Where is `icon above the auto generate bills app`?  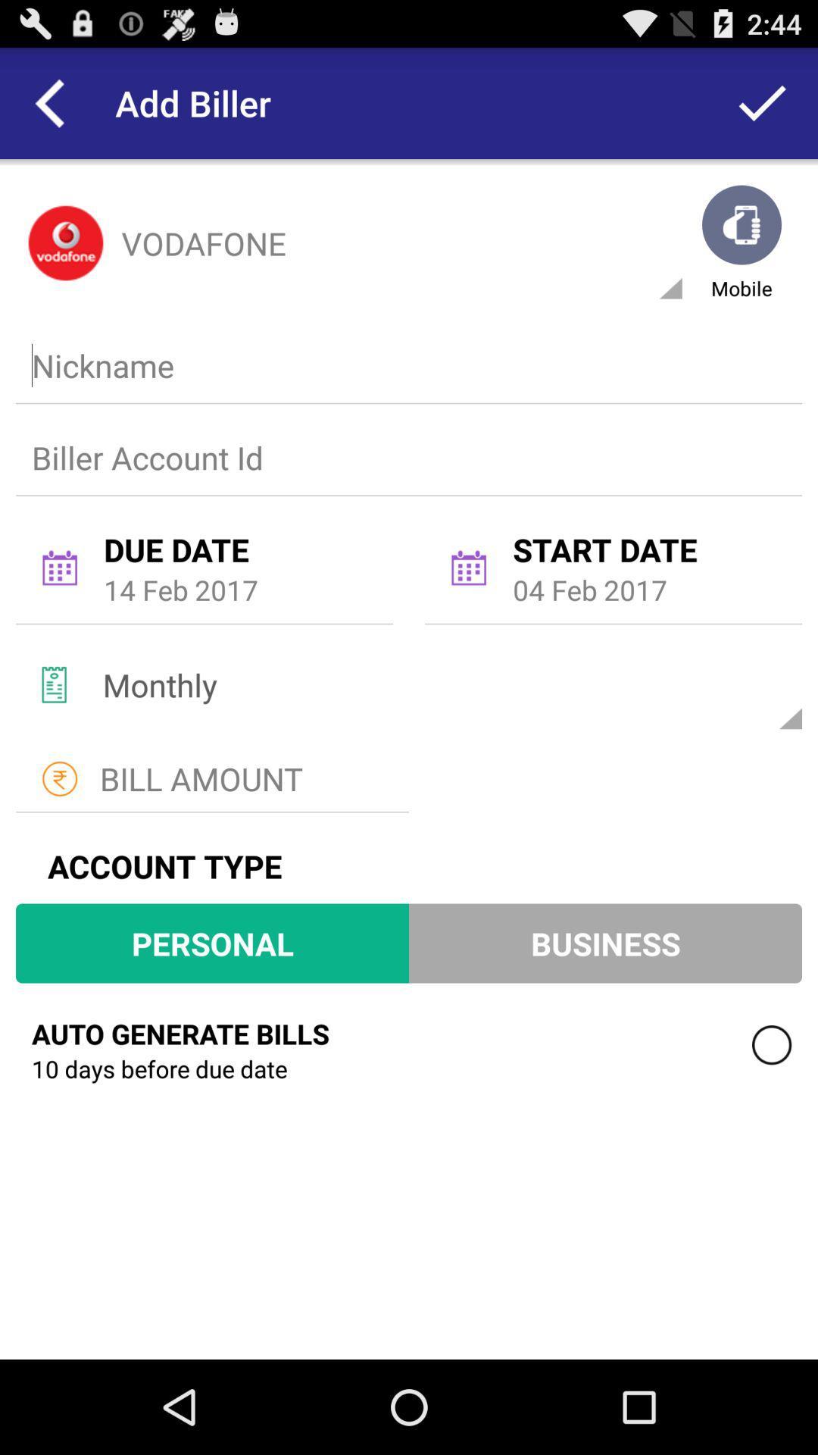 icon above the auto generate bills app is located at coordinates (212, 942).